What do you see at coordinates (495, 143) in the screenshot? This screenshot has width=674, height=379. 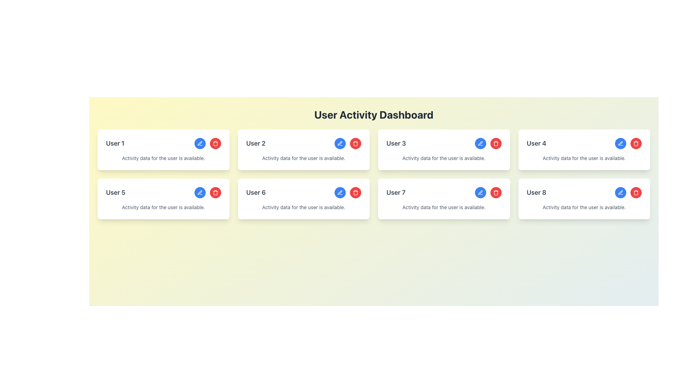 I see `the delete icon button located in the red circular region at the top-right corner of the card associated with 'User 7'` at bounding box center [495, 143].